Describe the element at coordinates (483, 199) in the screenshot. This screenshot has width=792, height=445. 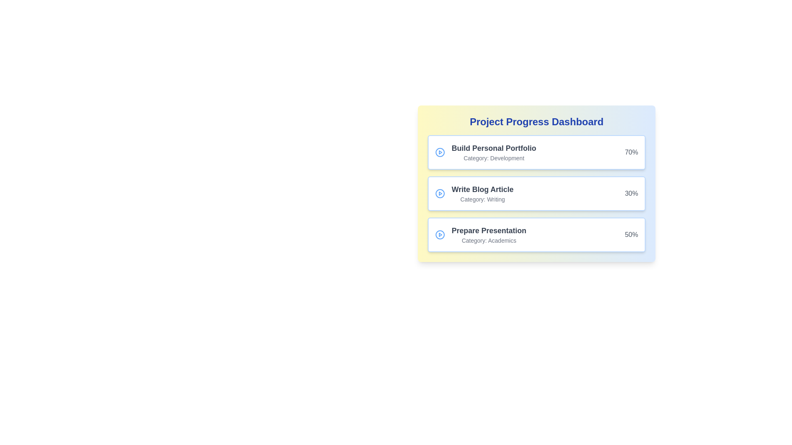
I see `the 'Writing' label, which provides additional classification information related to the 'Write Blog Article' task, located in the Project Progress Dashboard card` at that location.